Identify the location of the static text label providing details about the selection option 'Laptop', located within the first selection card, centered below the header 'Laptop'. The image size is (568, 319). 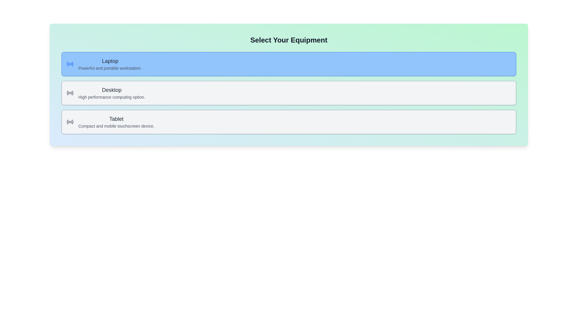
(110, 68).